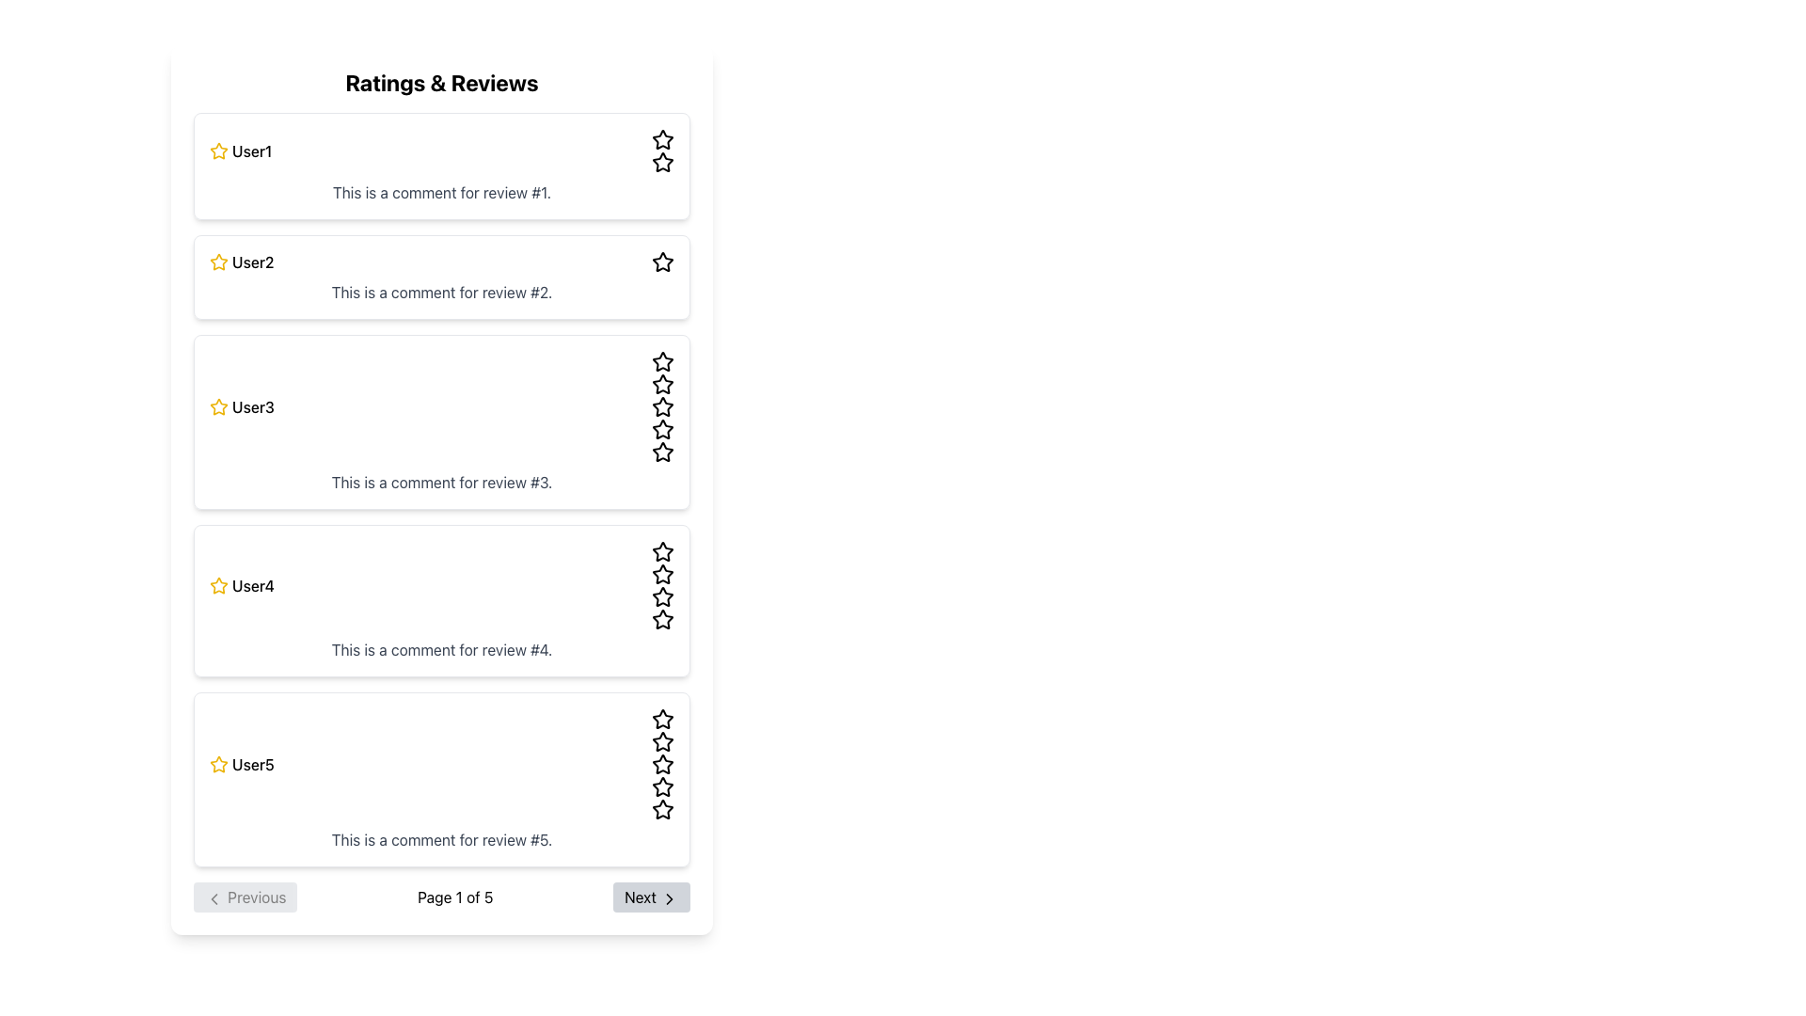  I want to click on the first star icon in the five-star rating system for the fifth review row in the 'Ratings & Reviews' section, so click(663, 719).